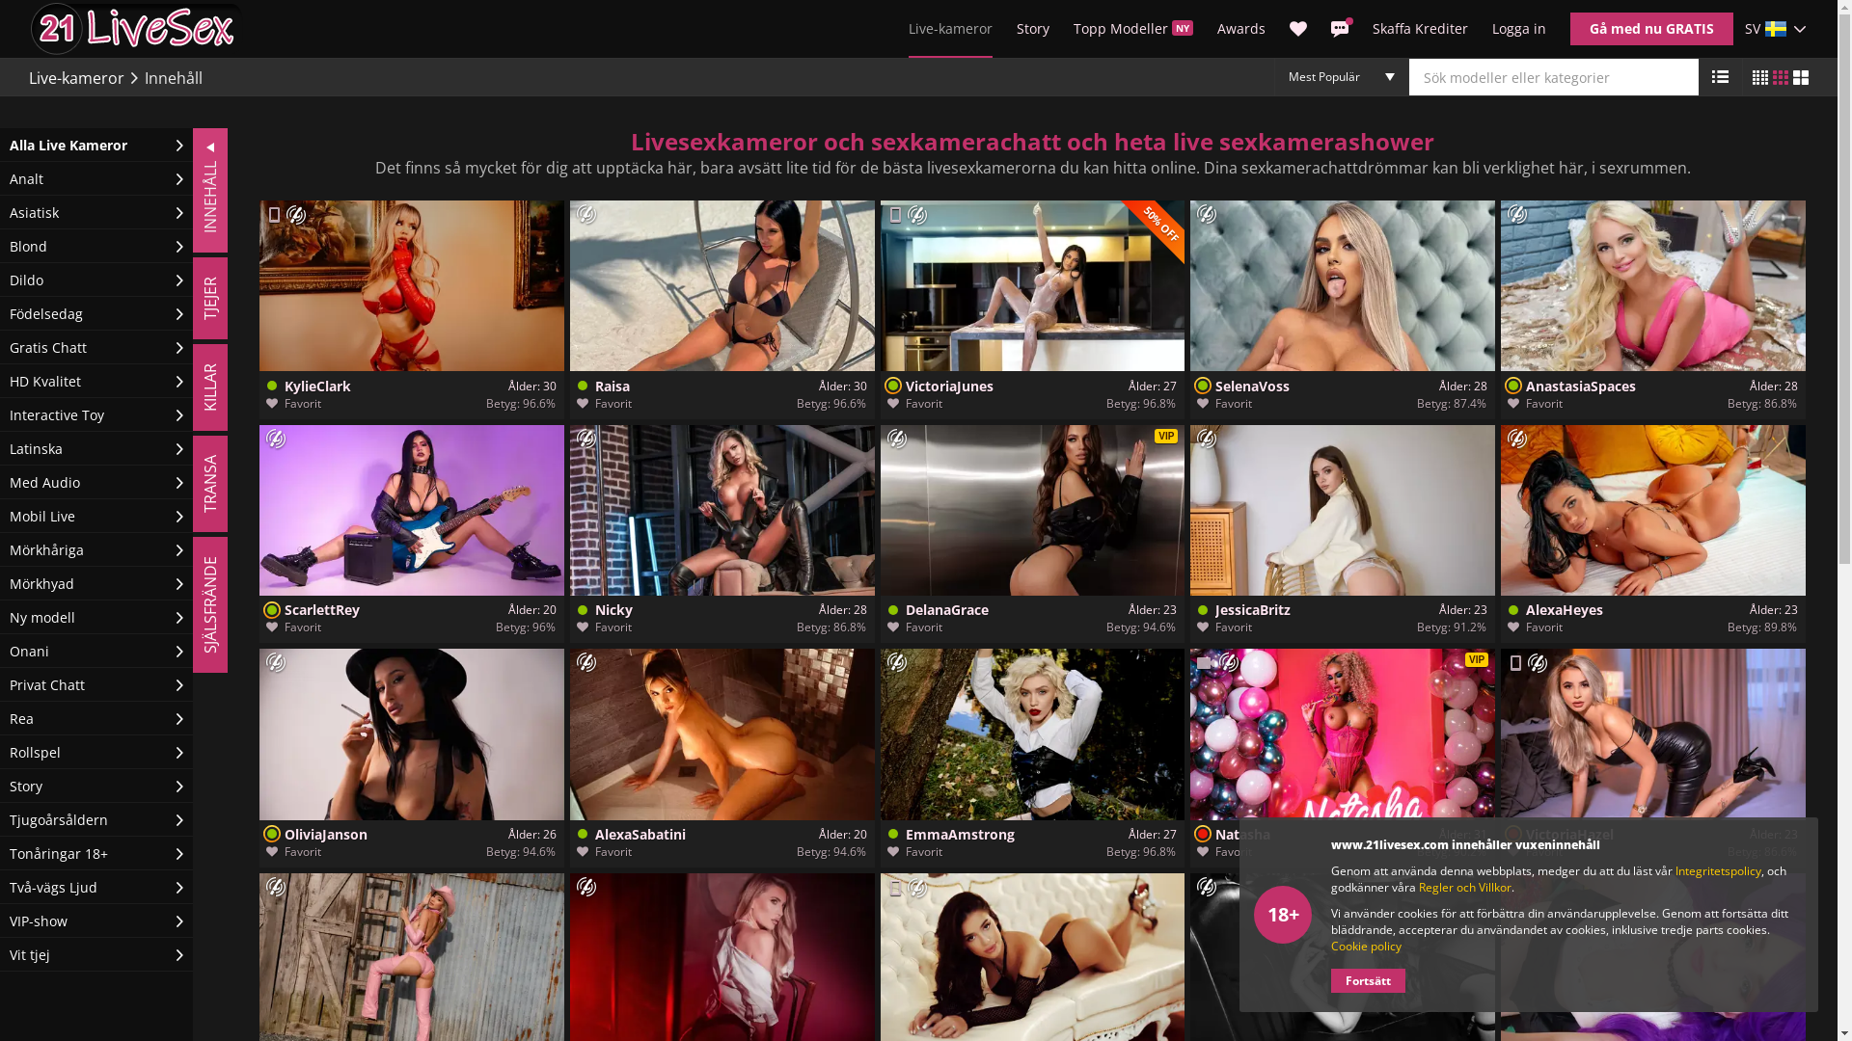 This screenshot has width=1852, height=1041. What do you see at coordinates (0, 515) in the screenshot?
I see `'Mobil Live'` at bounding box center [0, 515].